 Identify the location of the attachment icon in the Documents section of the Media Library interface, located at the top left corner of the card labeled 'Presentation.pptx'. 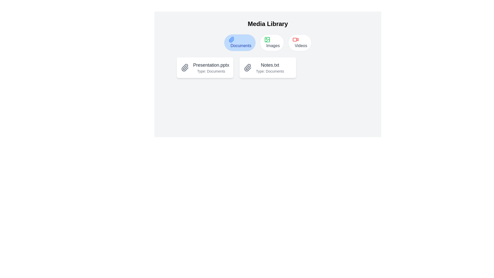
(185, 67).